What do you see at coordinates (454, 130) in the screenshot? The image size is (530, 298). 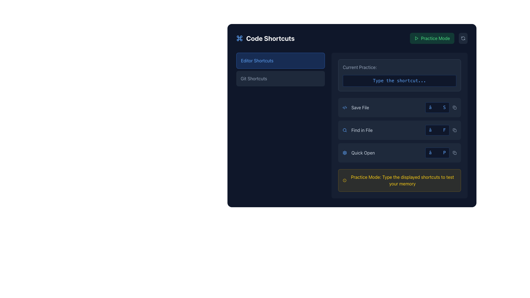 I see `the button located to the right of the keyboard shortcut display ('⌘ F')` at bounding box center [454, 130].